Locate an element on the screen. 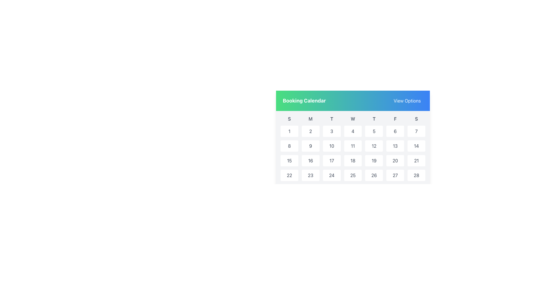 The height and width of the screenshot is (305, 543). the static text element displaying the numeric value '10' in the fourth cell of the second row of the calendar grid is located at coordinates (332, 145).